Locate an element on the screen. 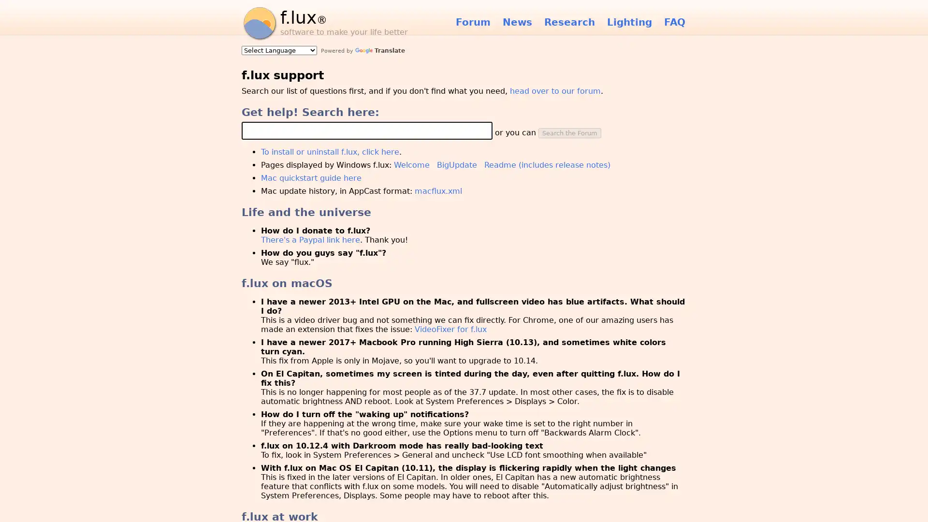  Search the Forum is located at coordinates (570, 132).